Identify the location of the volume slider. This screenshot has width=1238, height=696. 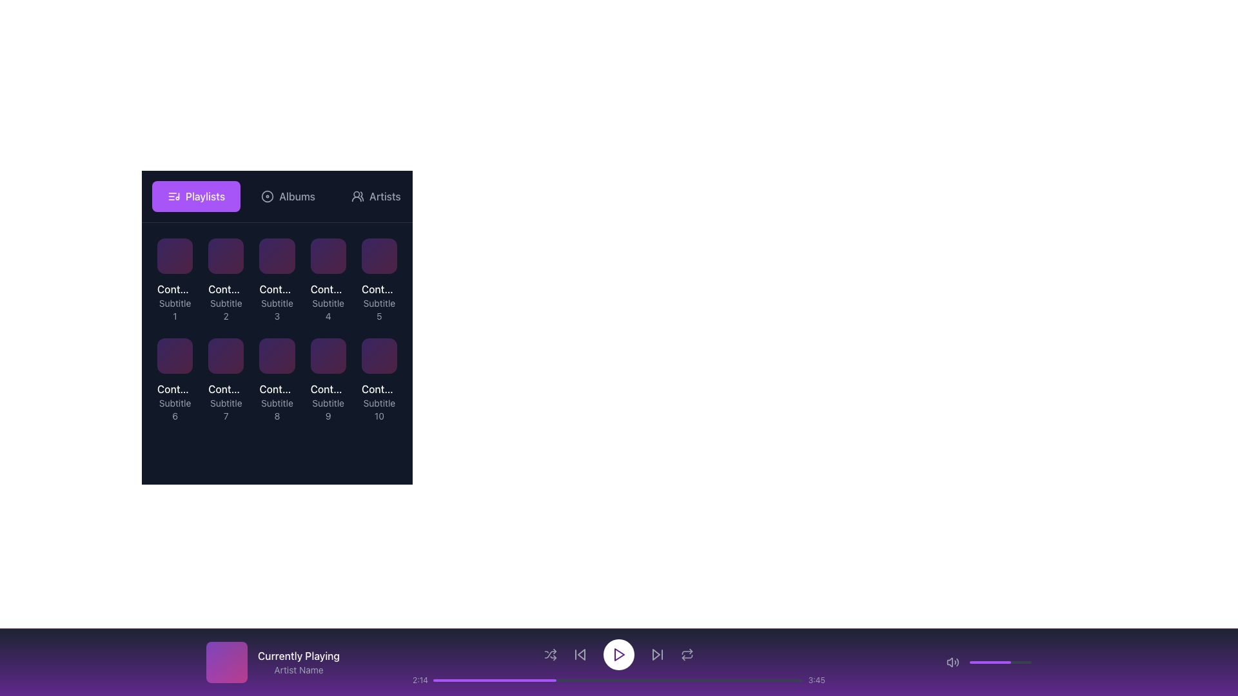
(979, 662).